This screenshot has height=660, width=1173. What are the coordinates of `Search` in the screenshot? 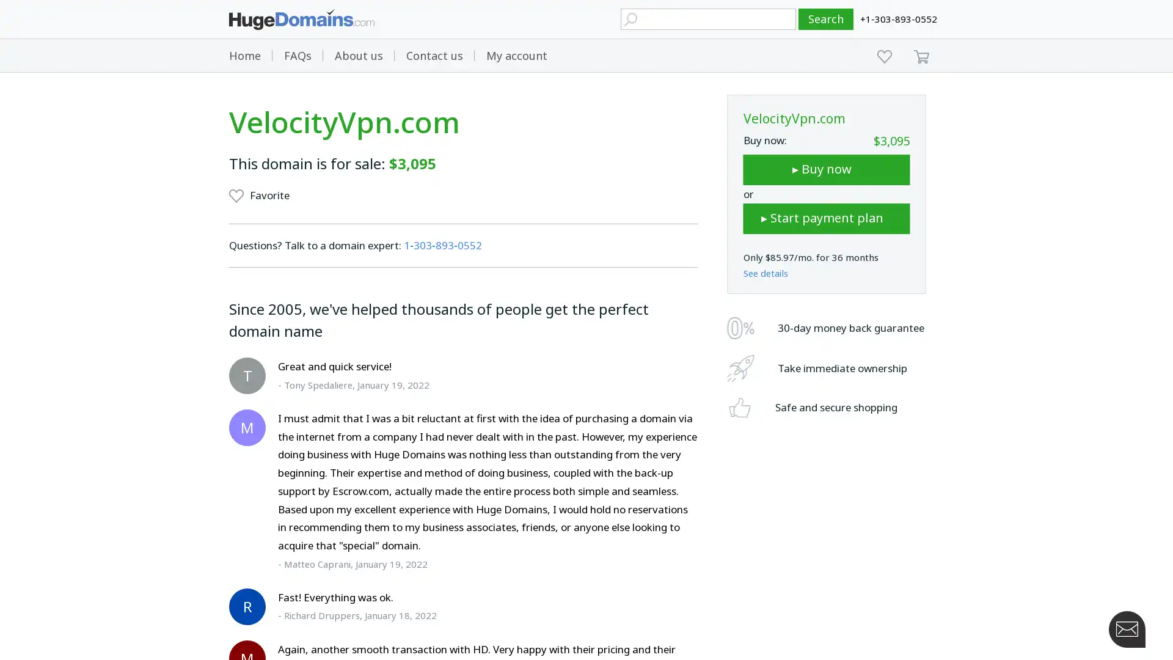 It's located at (826, 19).